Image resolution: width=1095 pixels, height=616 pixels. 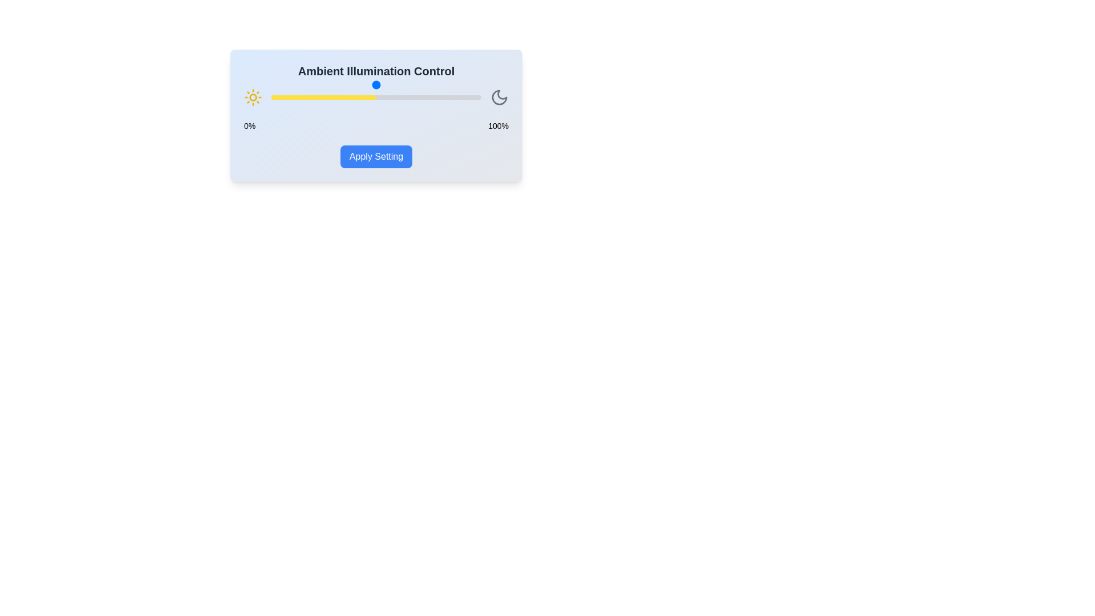 What do you see at coordinates (315, 96) in the screenshot?
I see `the slider to set the illumination level to 21%` at bounding box center [315, 96].